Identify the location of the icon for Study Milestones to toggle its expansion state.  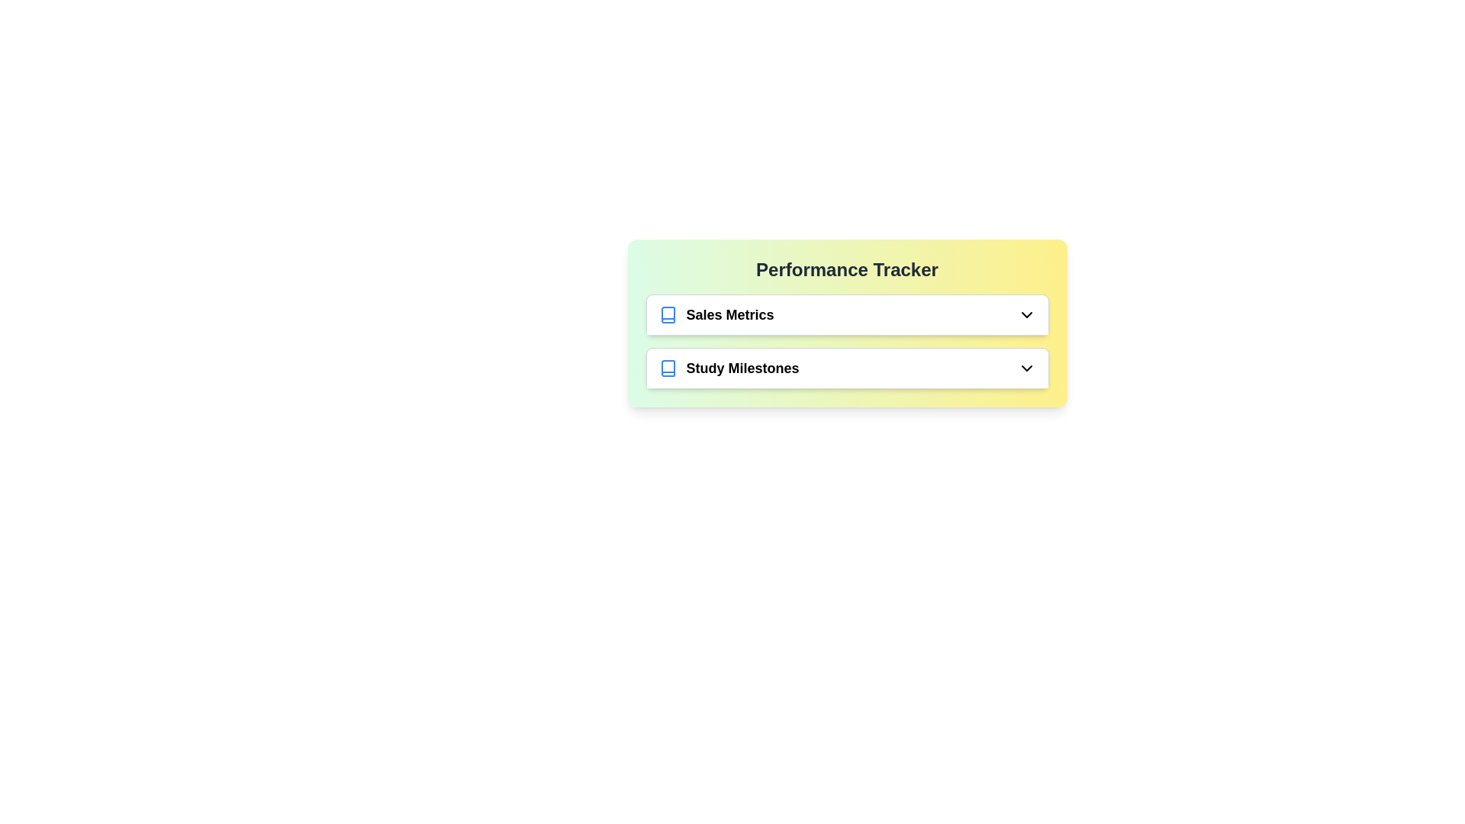
(1026, 368).